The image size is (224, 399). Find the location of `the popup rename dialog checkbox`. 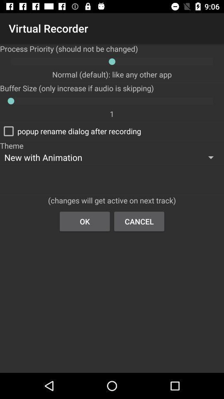

the popup rename dialog checkbox is located at coordinates (71, 131).